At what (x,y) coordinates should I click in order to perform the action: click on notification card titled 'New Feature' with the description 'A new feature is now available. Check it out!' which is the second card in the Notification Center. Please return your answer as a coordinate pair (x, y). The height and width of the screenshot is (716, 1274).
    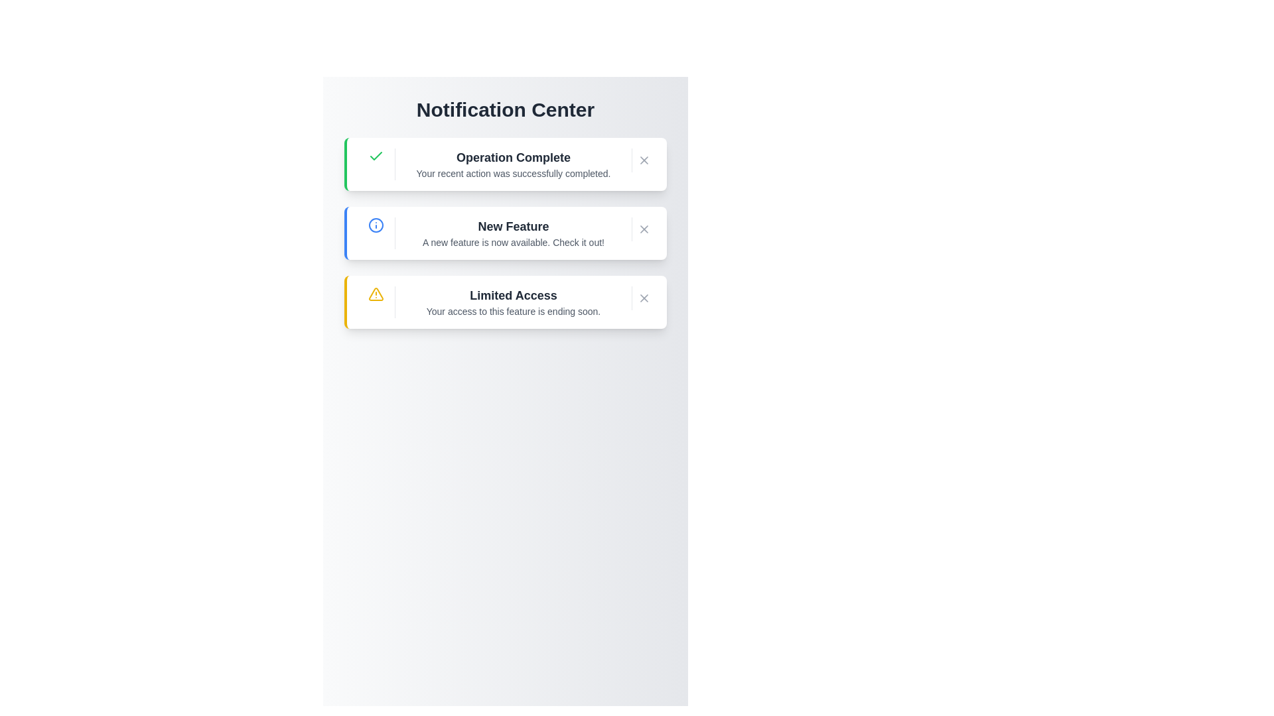
    Looking at the image, I should click on (505, 232).